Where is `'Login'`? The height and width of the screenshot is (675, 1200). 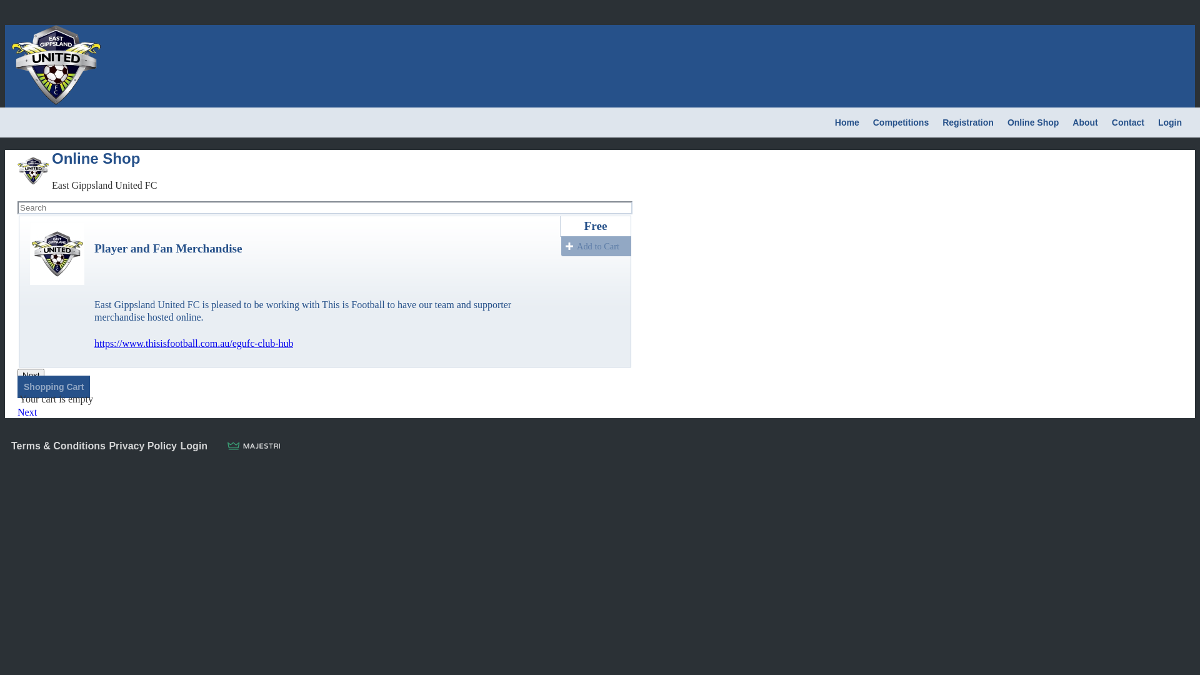
'Login' is located at coordinates (1169, 122).